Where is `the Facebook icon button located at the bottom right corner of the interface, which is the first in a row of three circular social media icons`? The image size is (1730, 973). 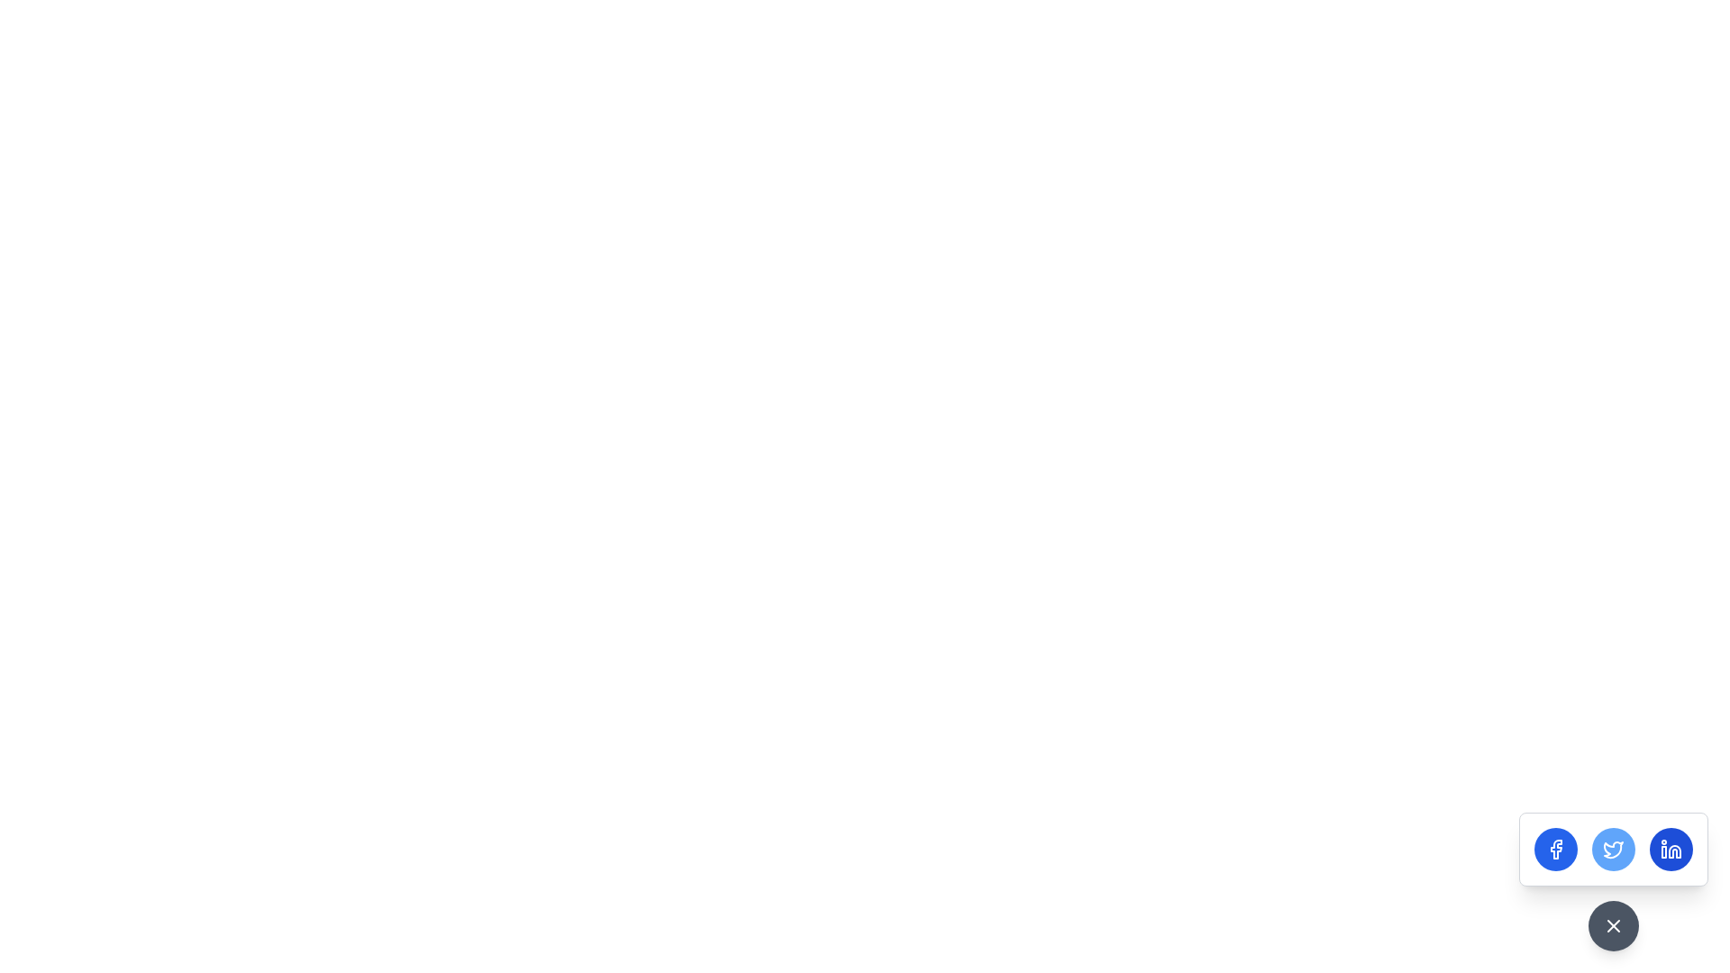 the Facebook icon button located at the bottom right corner of the interface, which is the first in a row of three circular social media icons is located at coordinates (1555, 849).